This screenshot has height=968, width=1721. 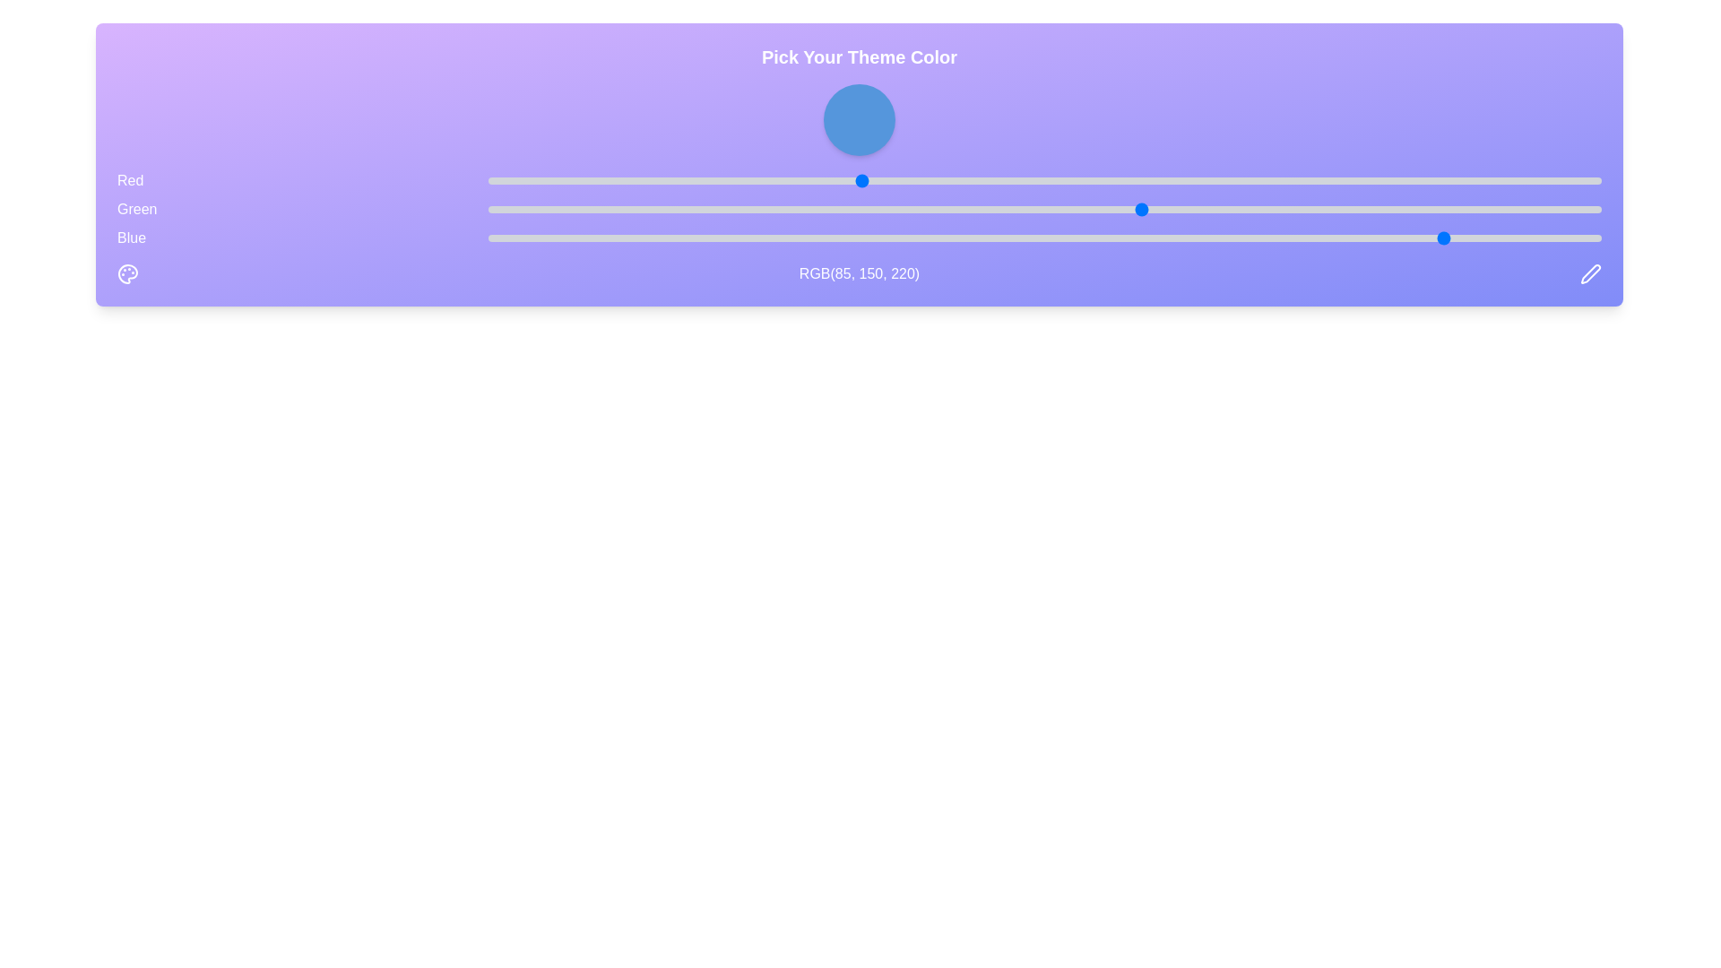 What do you see at coordinates (955, 180) in the screenshot?
I see `the 'red' color intensity` at bounding box center [955, 180].